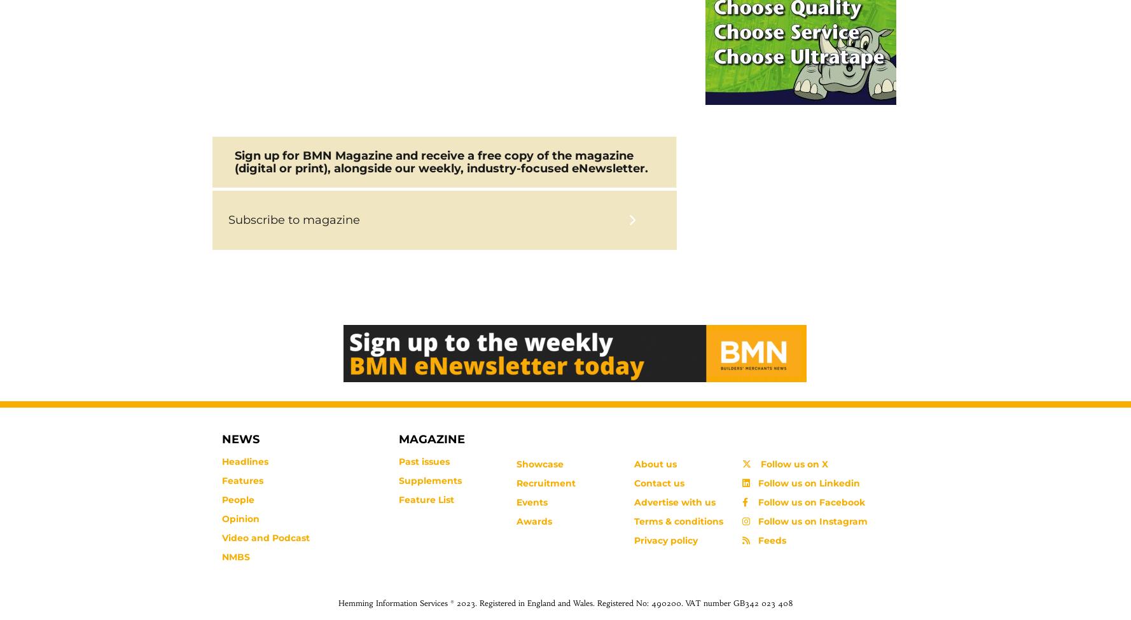 Image resolution: width=1131 pixels, height=620 pixels. I want to click on 'Contact us', so click(658, 483).